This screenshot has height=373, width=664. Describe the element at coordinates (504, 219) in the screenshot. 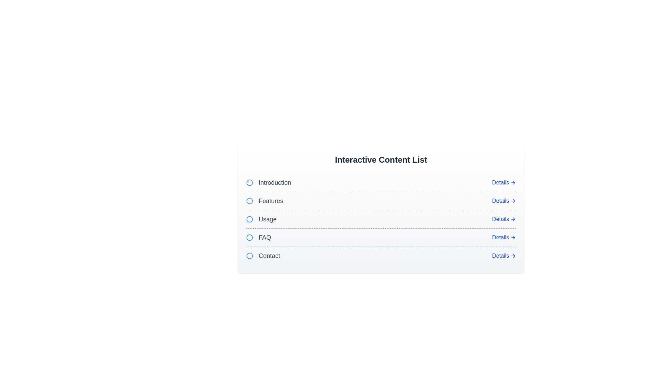

I see `the hyperlink with icon located in the 'Usage' row, which is the fourth 'Details' element from the top` at that location.